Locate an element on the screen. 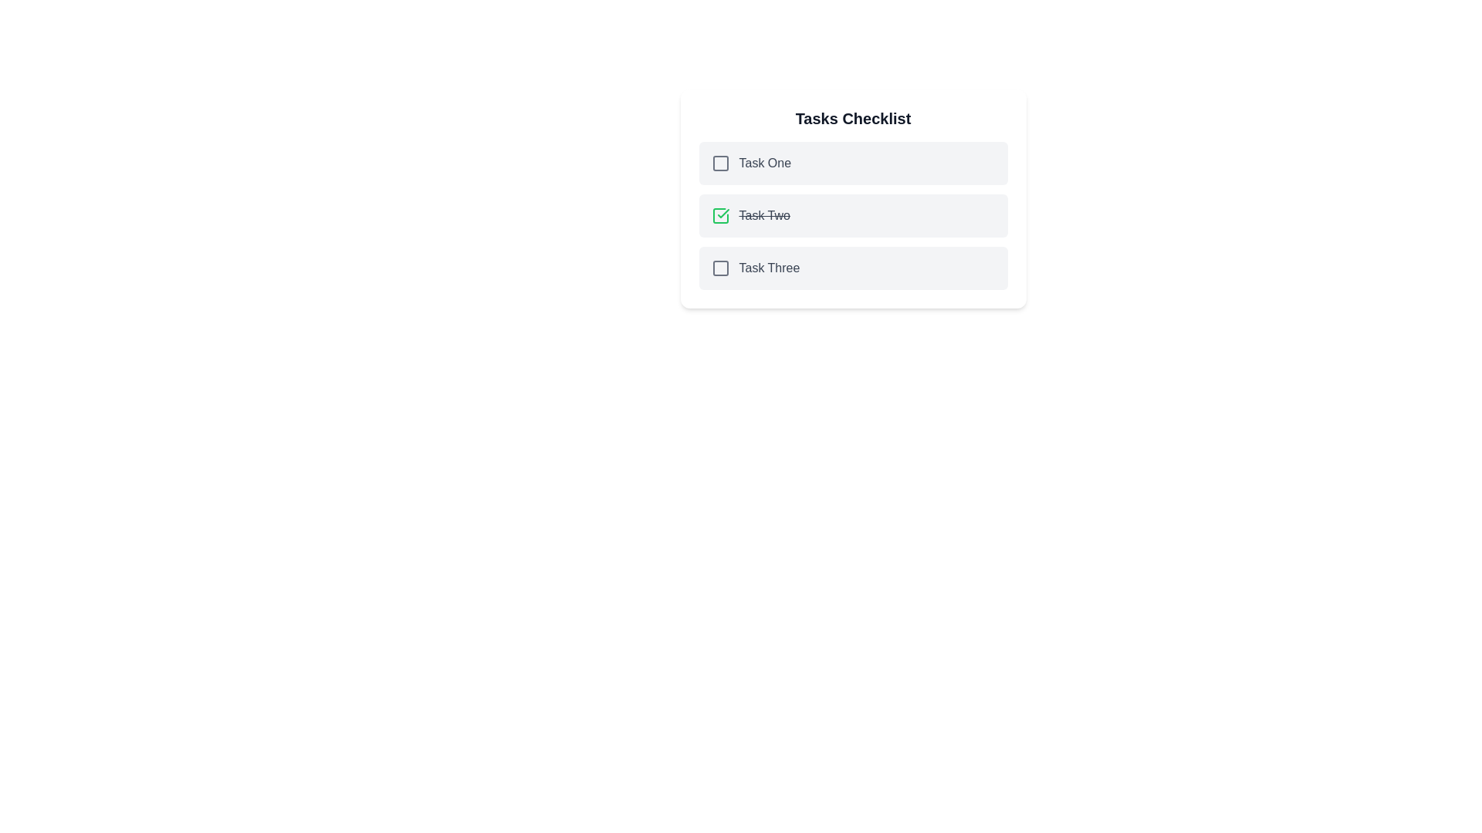  the visual state of the graphical checkmark icon, which is a thin green stroke forming a checkmark symbol, located in the second task row of the checklist adjacent to 'Task Two' is located at coordinates (722, 214).